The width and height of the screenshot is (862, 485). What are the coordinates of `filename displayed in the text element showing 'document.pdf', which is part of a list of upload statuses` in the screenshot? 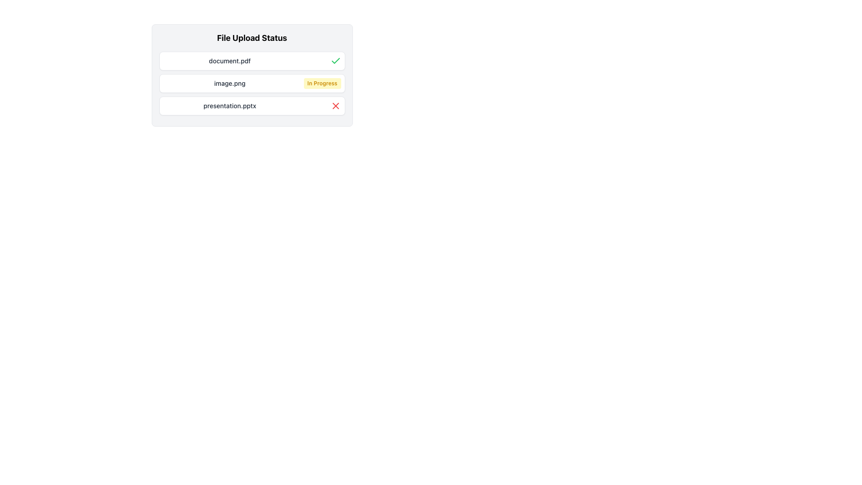 It's located at (230, 61).